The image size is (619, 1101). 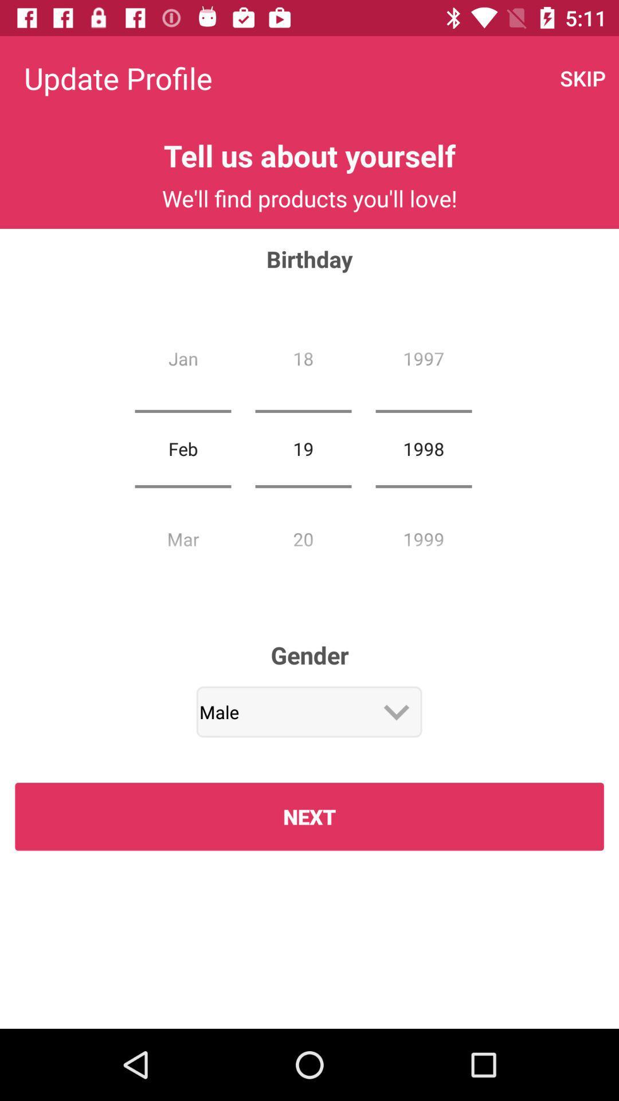 I want to click on the item above the gender item, so click(x=303, y=448).